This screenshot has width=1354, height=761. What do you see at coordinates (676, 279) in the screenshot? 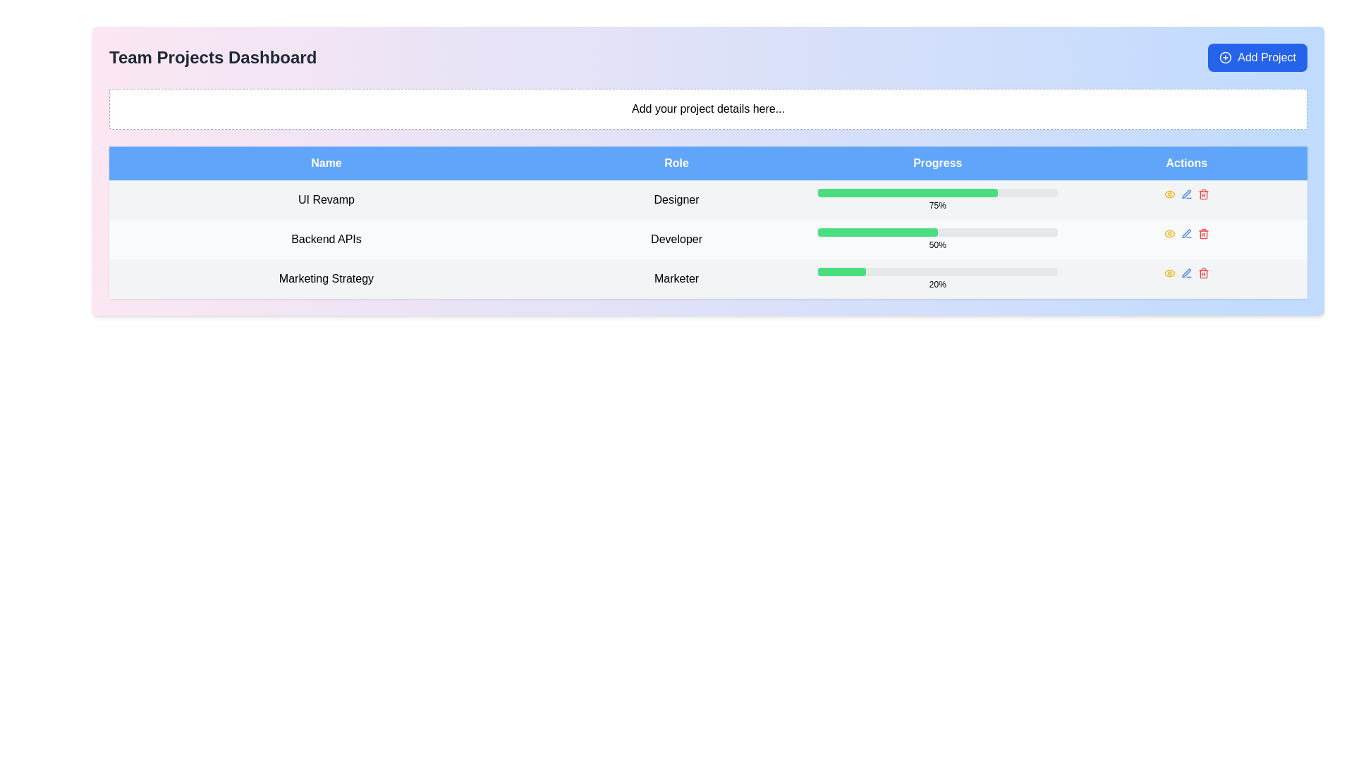
I see `the static text label displaying 'Marketer' in black font, which is centrally located in the second column of the 'Marketing Strategy' table row` at bounding box center [676, 279].